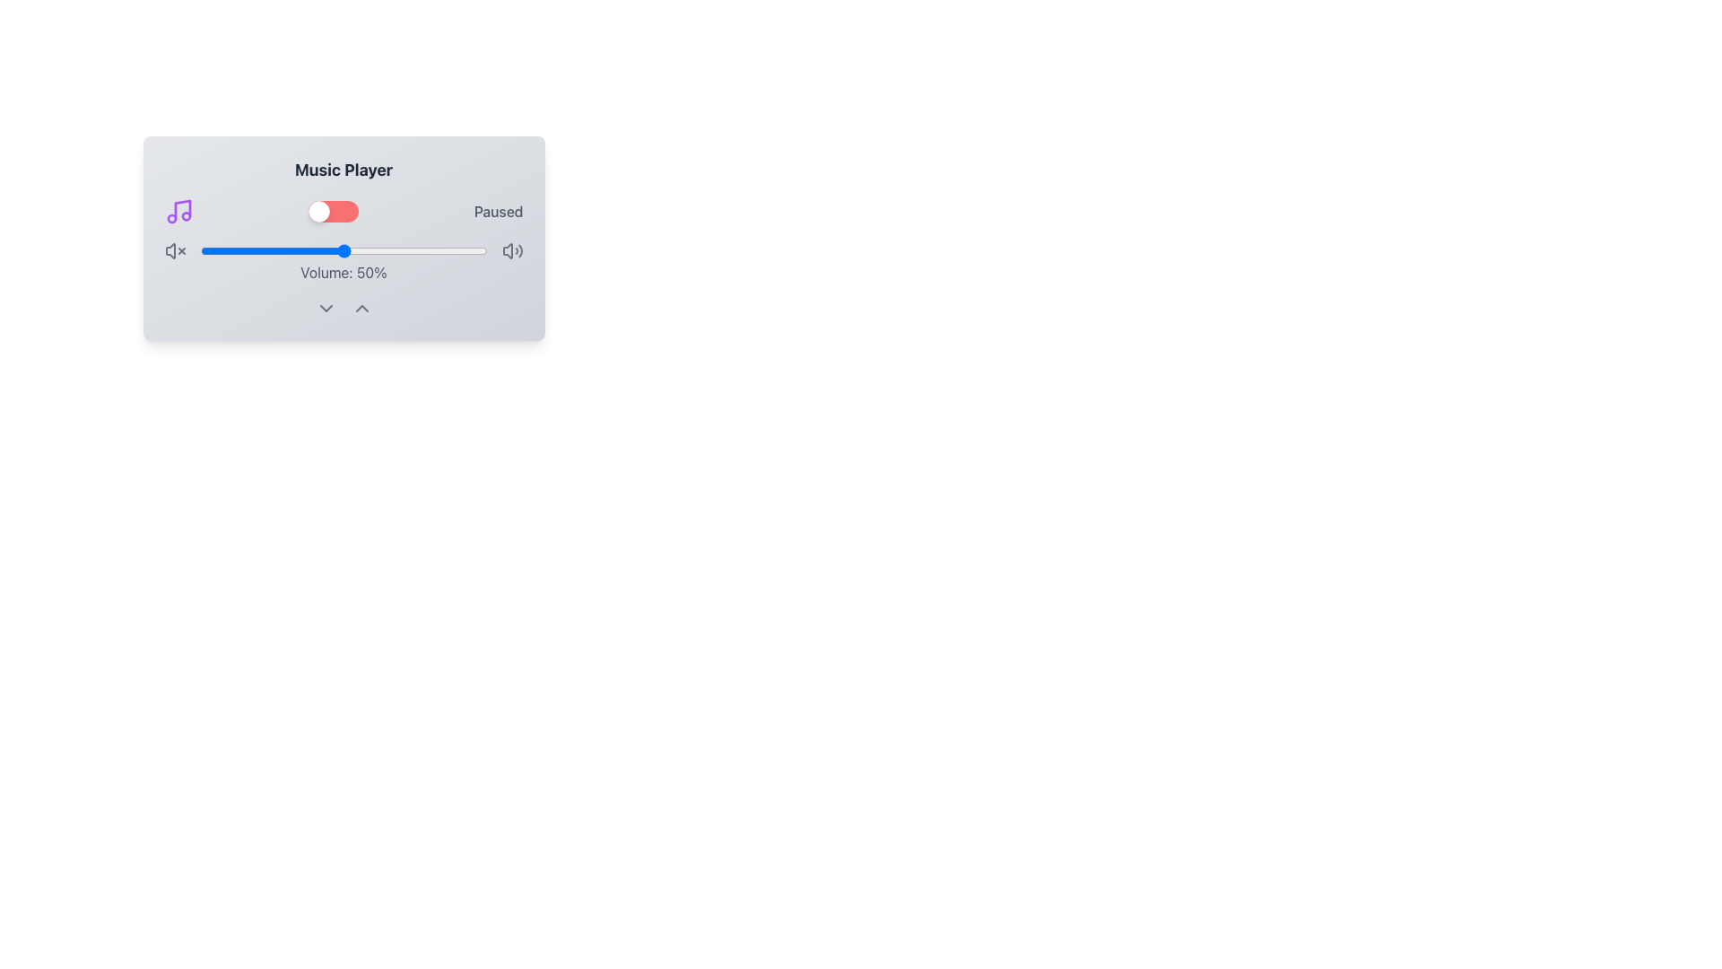  I want to click on the volume, so click(254, 251).